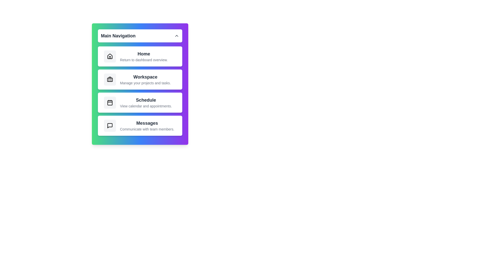 The width and height of the screenshot is (482, 271). I want to click on the 'Workspace' navigation item, so click(140, 79).